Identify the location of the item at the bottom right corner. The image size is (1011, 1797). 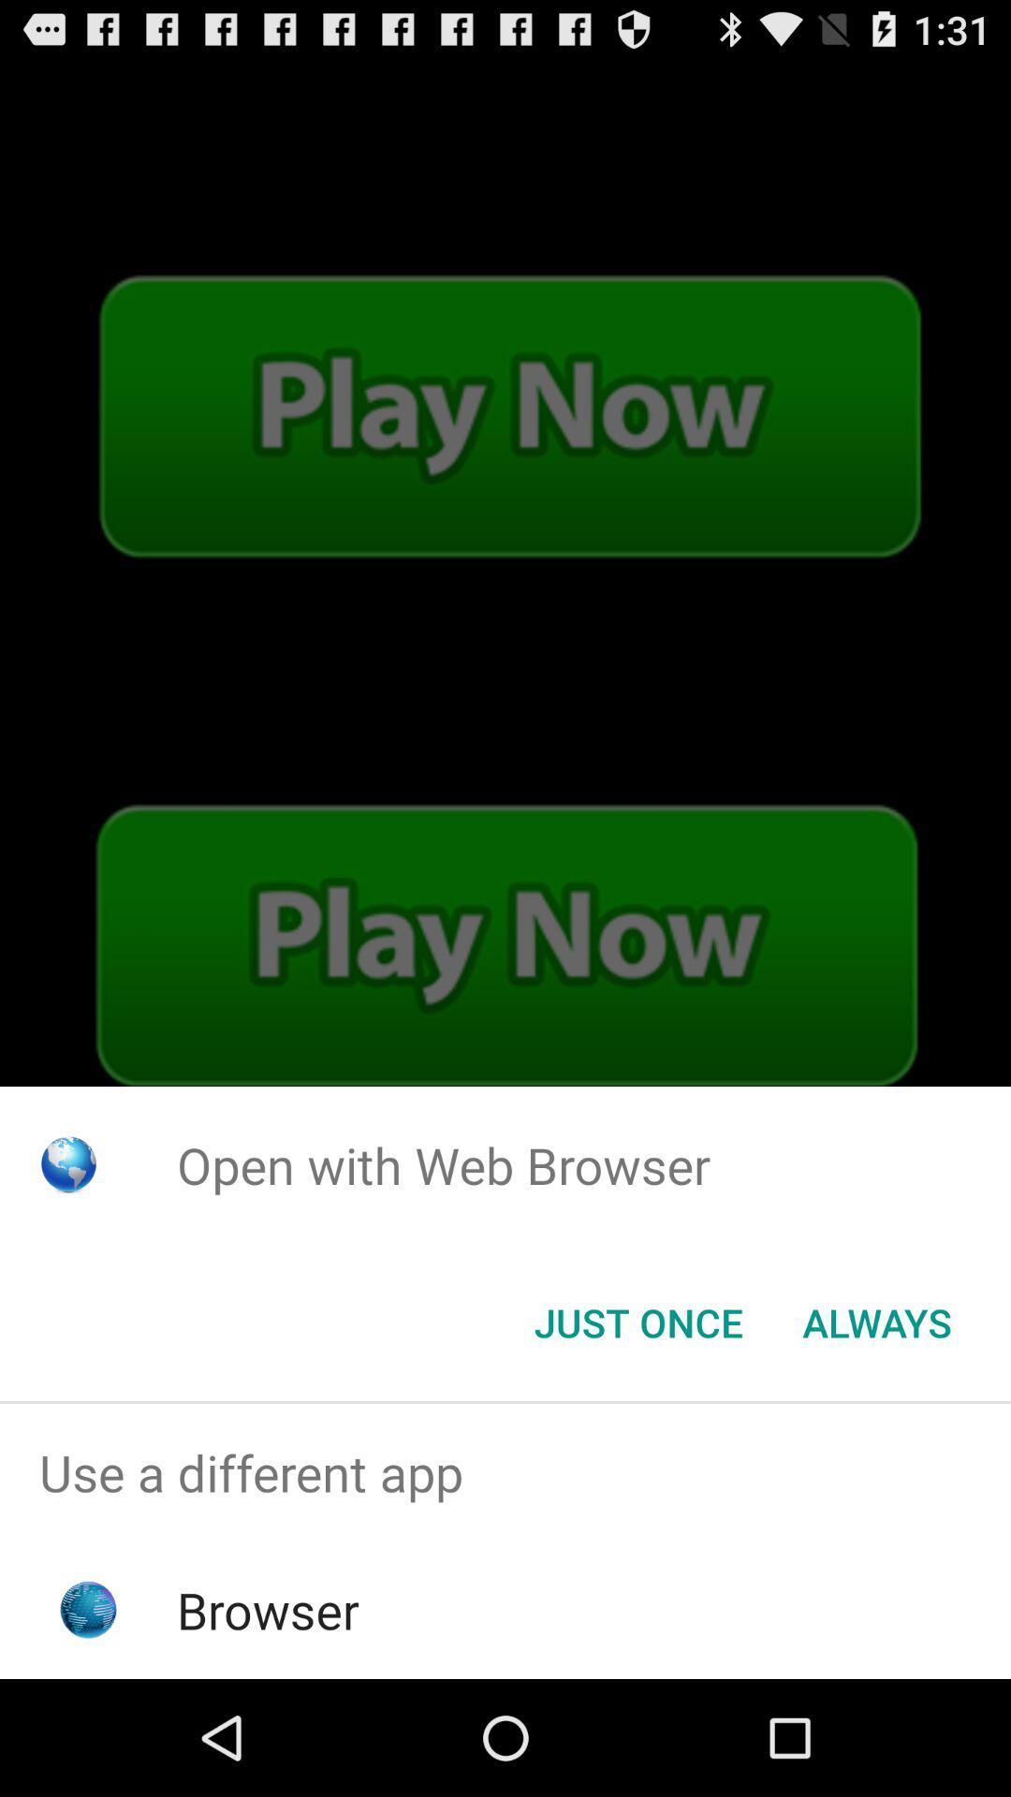
(877, 1321).